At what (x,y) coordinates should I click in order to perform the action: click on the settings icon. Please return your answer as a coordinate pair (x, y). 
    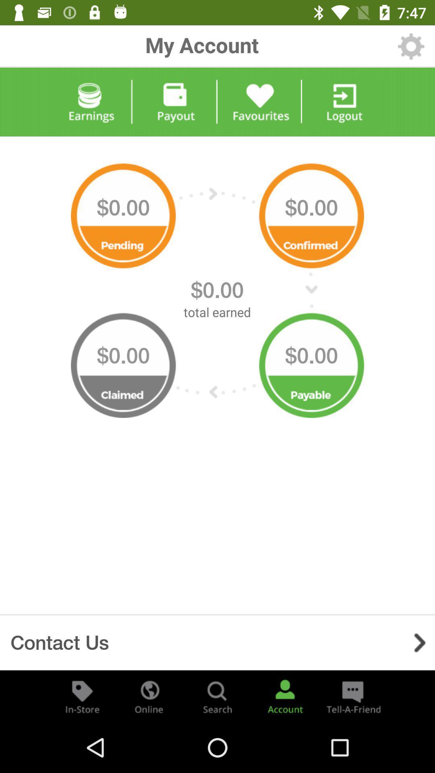
    Looking at the image, I should click on (411, 46).